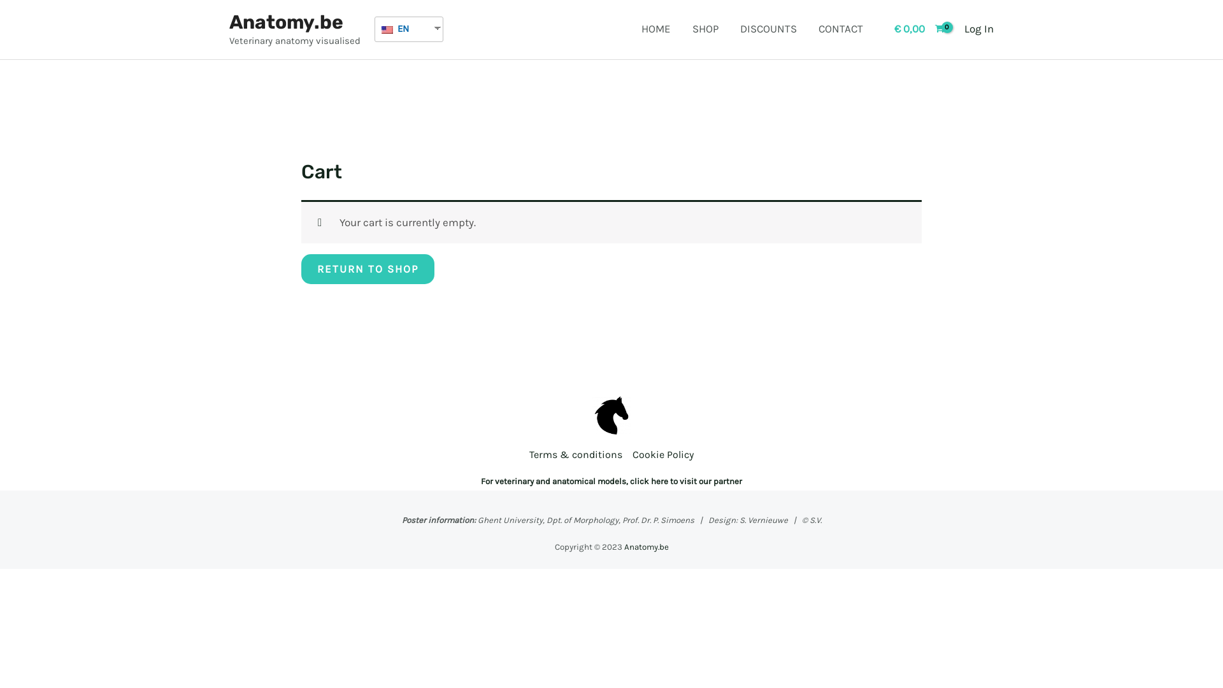 This screenshot has height=688, width=1223. What do you see at coordinates (387, 29) in the screenshot?
I see `'English'` at bounding box center [387, 29].